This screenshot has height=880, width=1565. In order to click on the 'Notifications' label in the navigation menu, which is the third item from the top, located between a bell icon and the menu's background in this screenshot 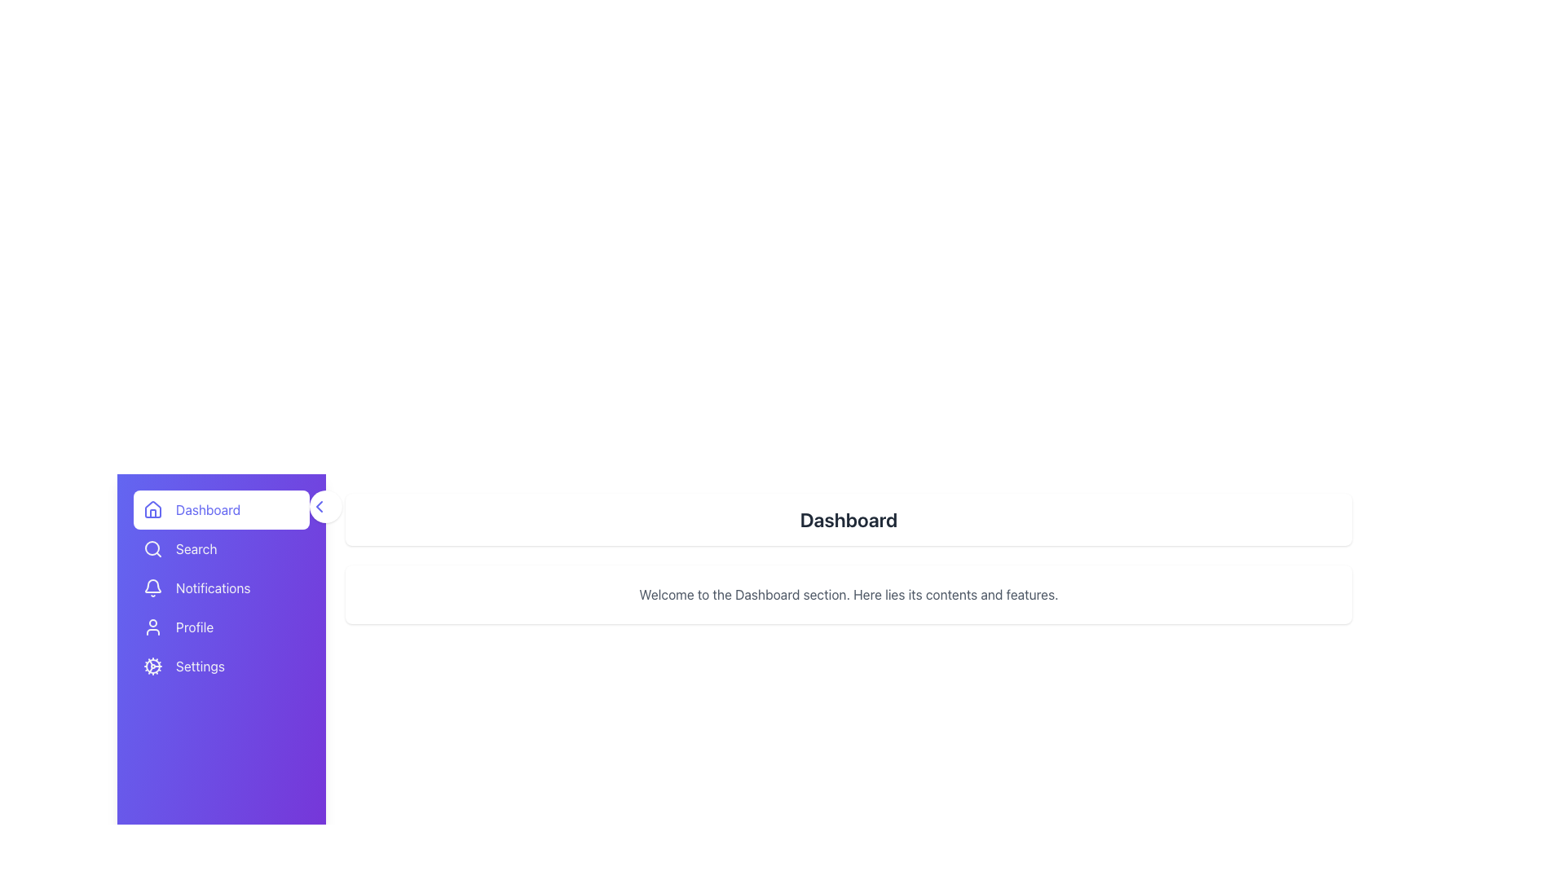, I will do `click(212, 587)`.